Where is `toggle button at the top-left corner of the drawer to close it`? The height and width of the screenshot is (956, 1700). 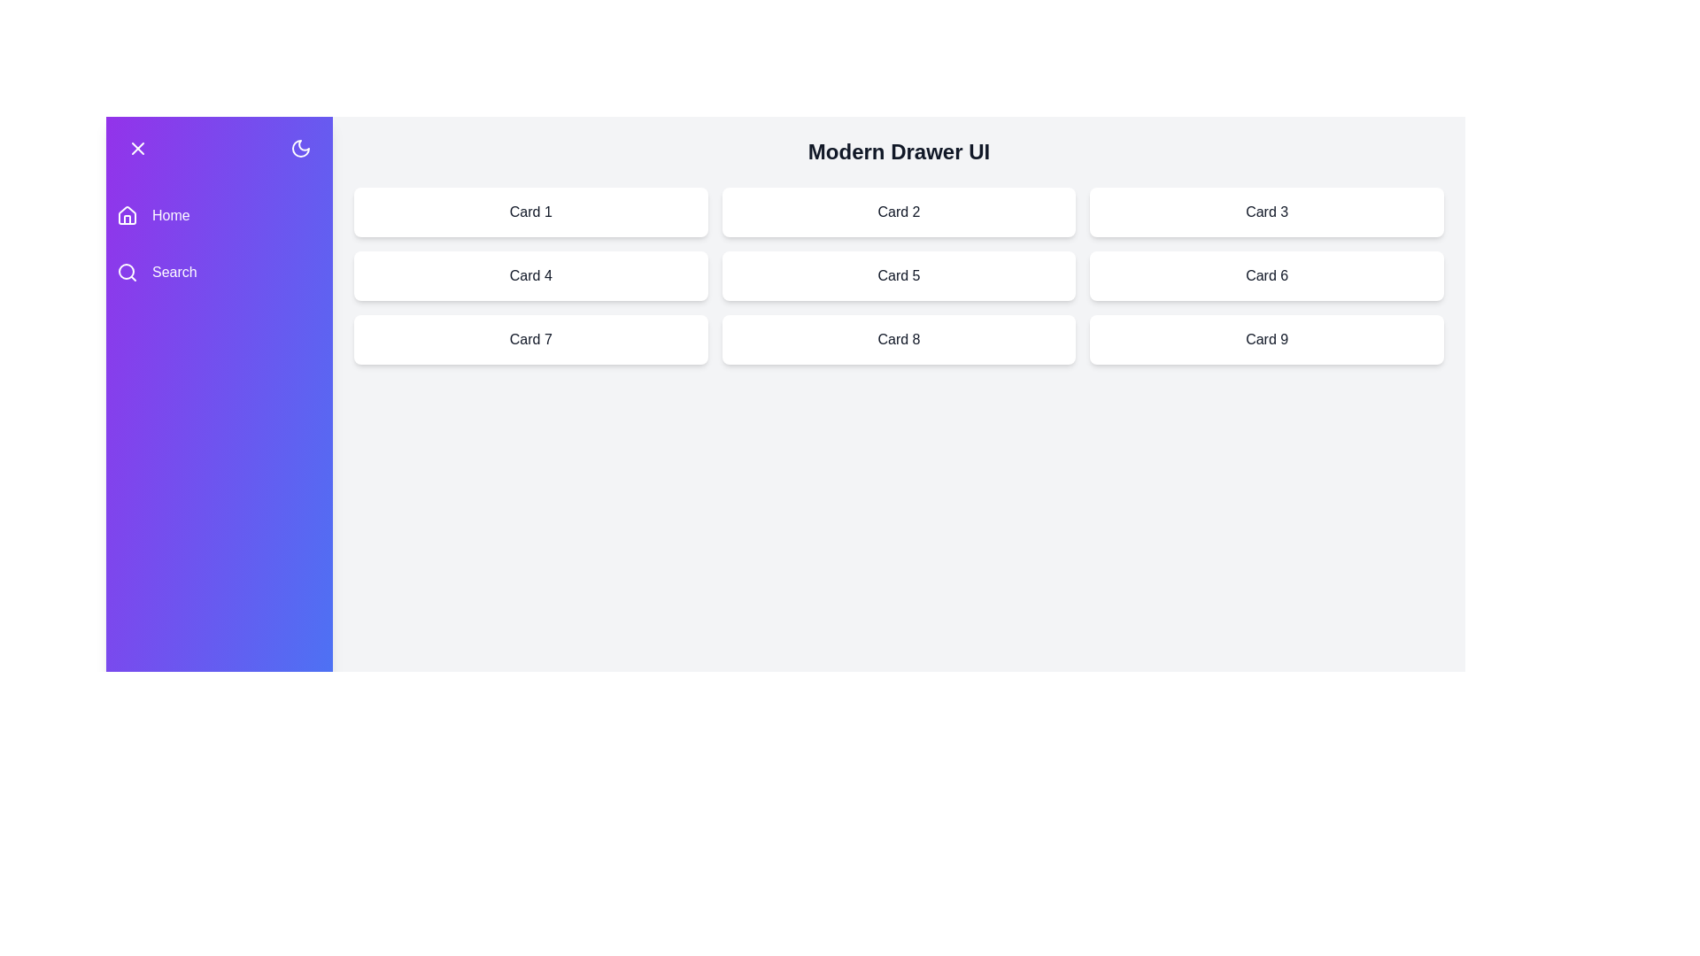 toggle button at the top-left corner of the drawer to close it is located at coordinates (137, 148).